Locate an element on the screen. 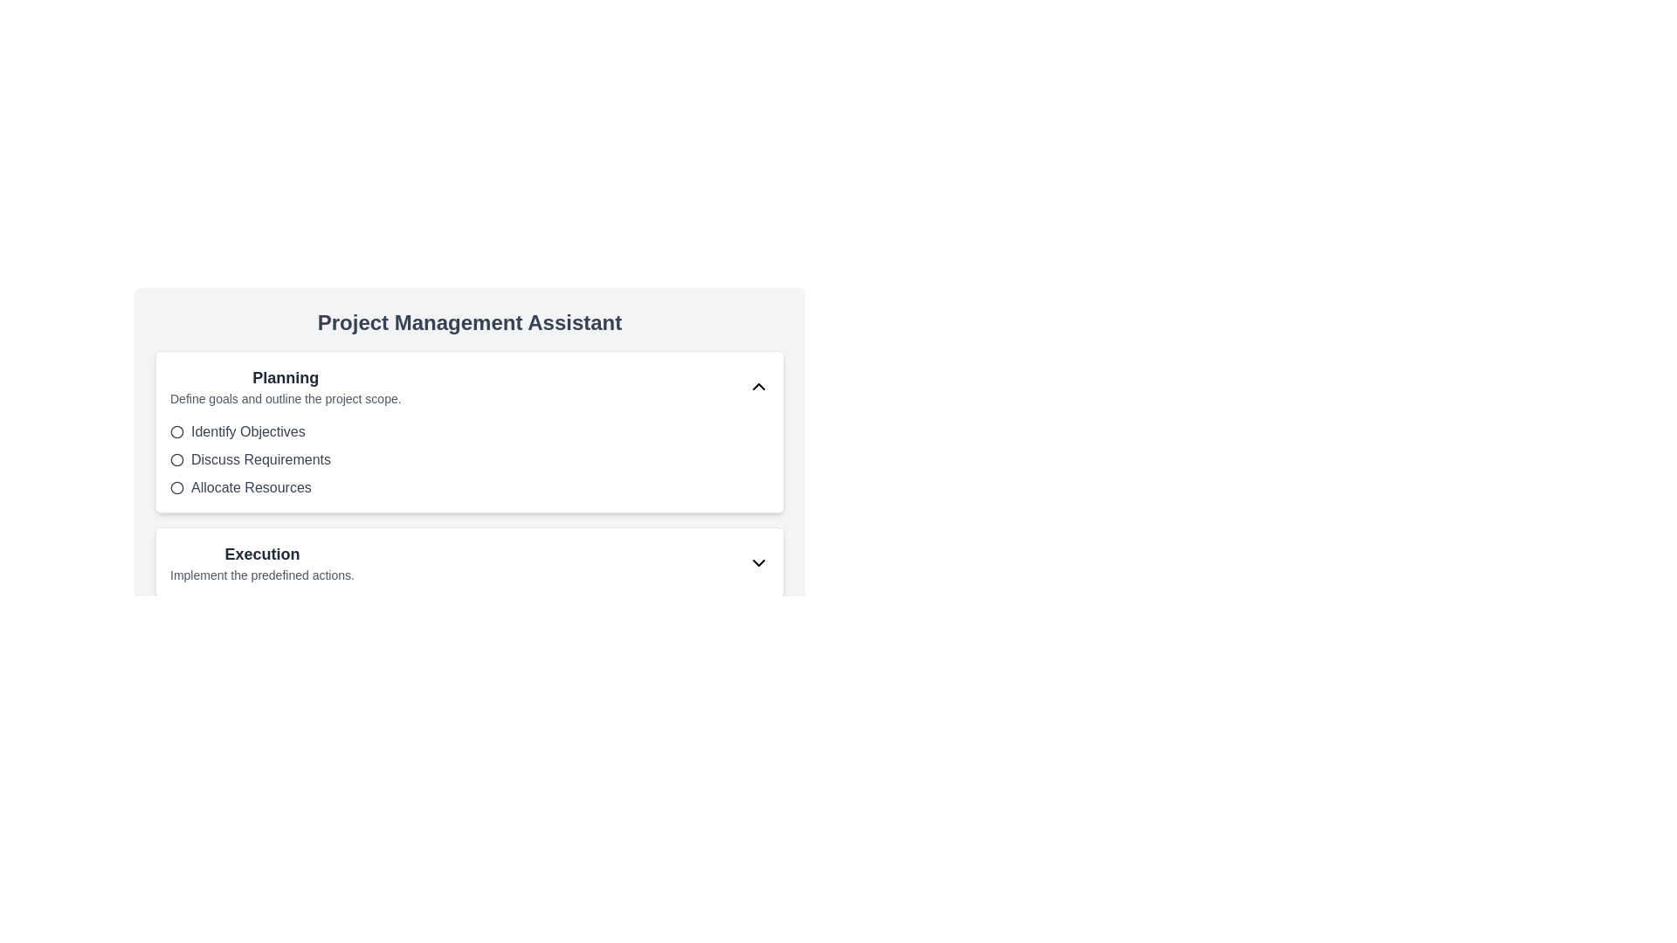 Image resolution: width=1677 pixels, height=943 pixels. the small circular icon with a thin black outline, located beside the text 'Discuss Requirements' is located at coordinates (176, 459).